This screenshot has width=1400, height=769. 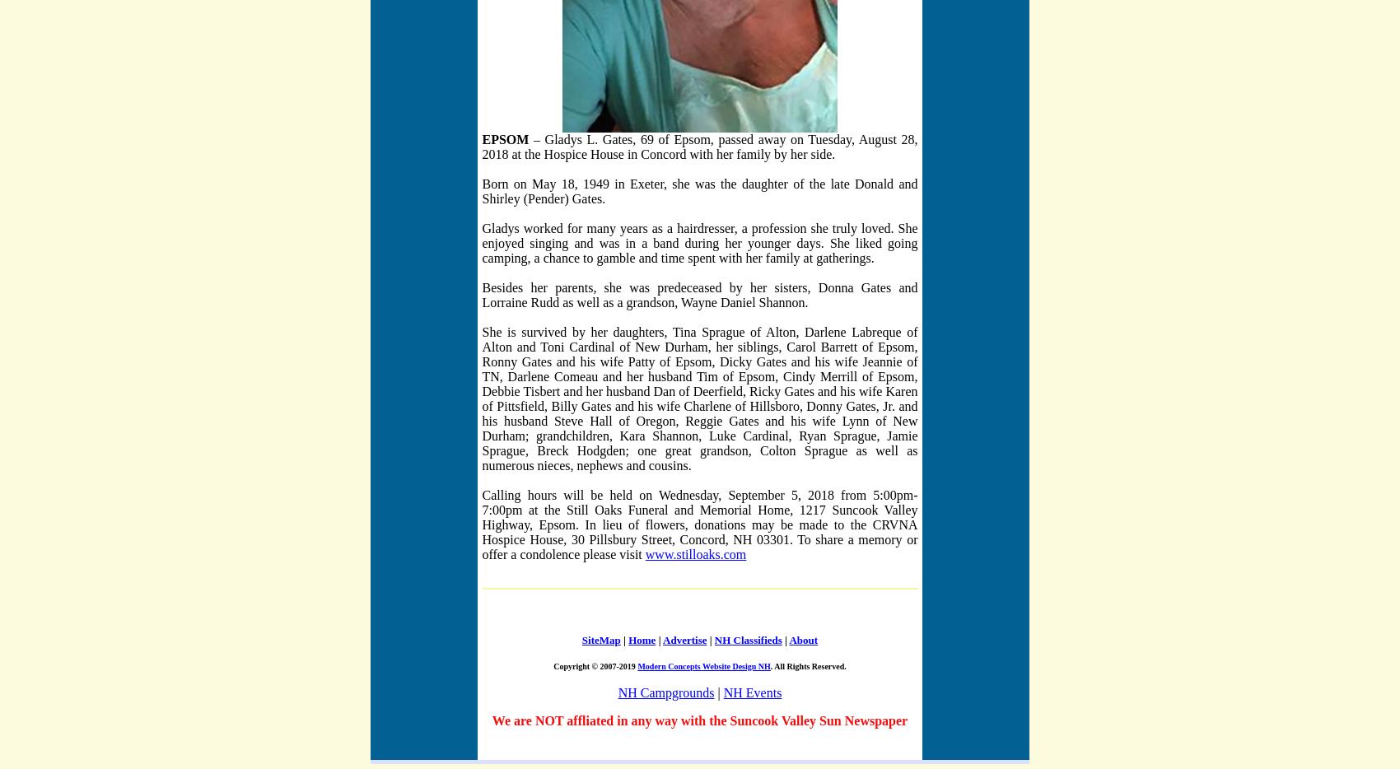 I want to click on '– Gladys L. Gates,
69 of Epsom, passed away on Tuesday, August 28, 2018 at the Hospice
House in Concord with her family by her side.', so click(x=698, y=146).